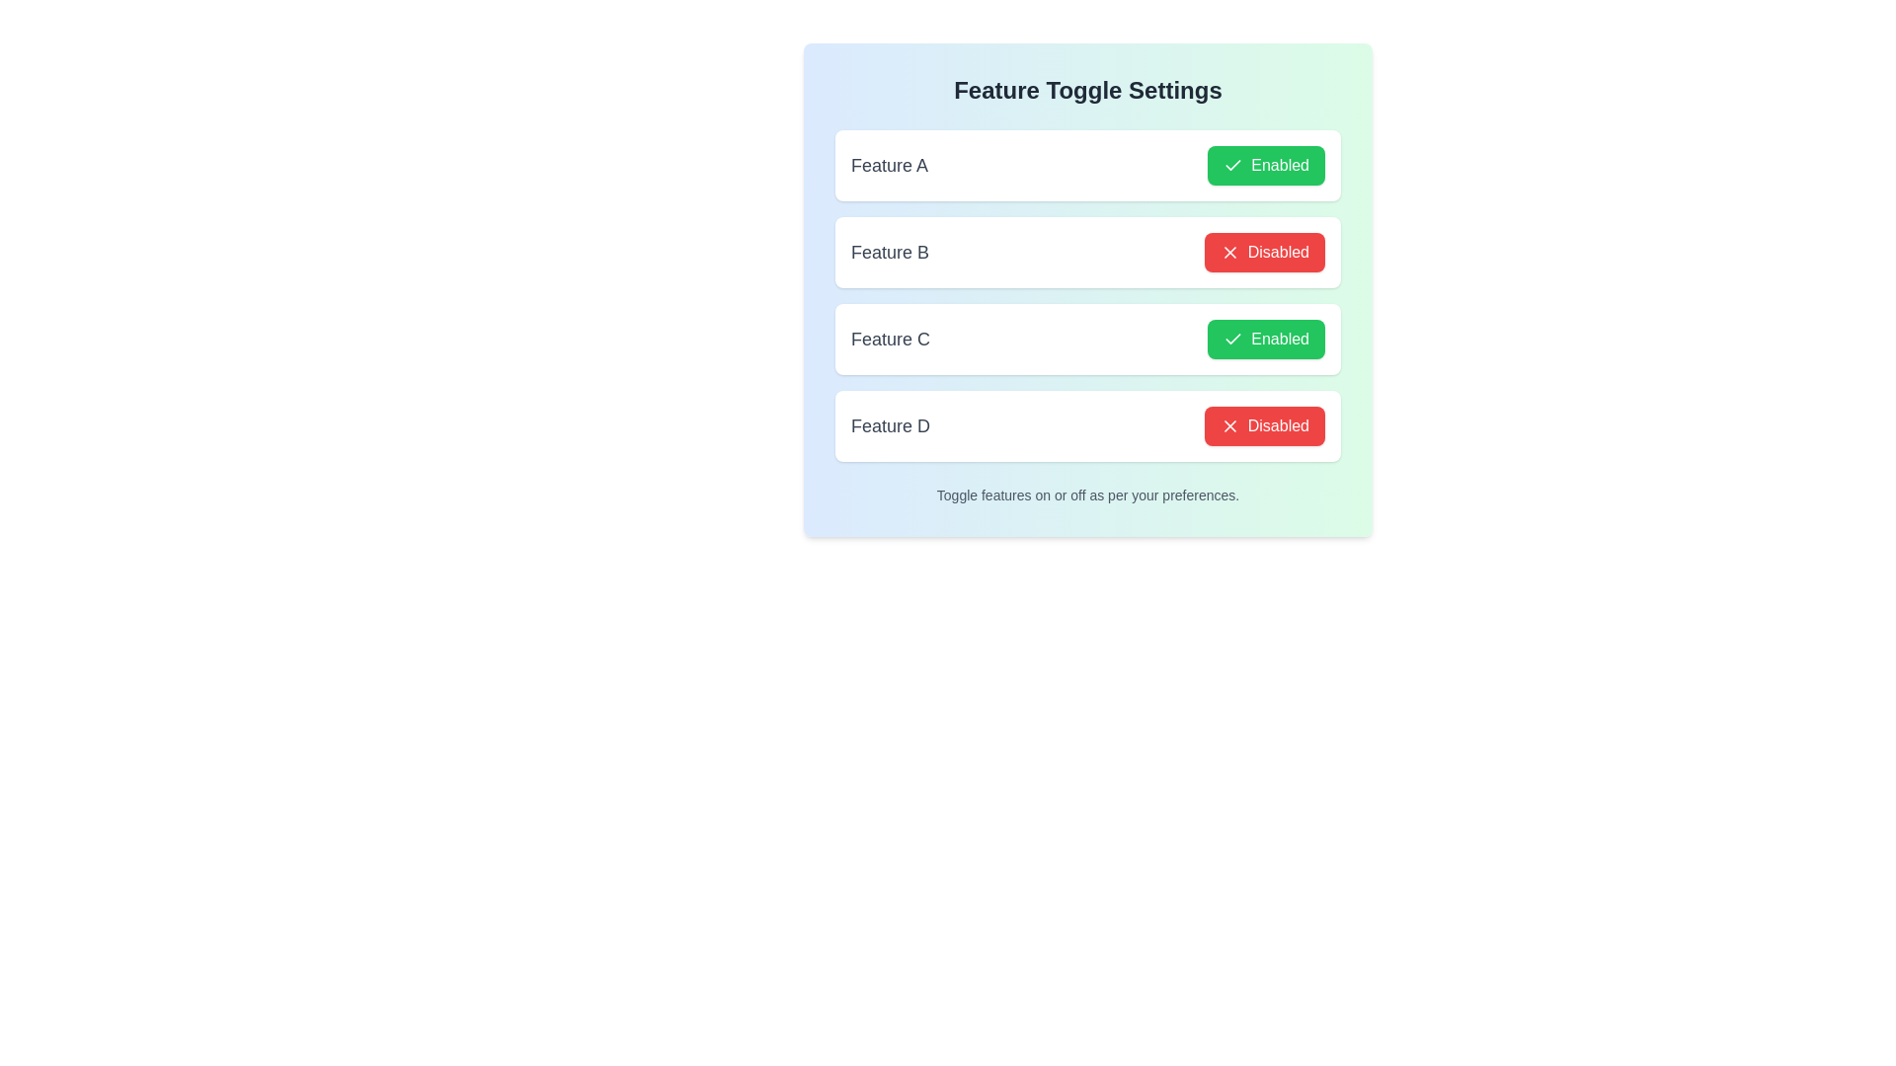 The height and width of the screenshot is (1066, 1896). I want to click on the Text label that describes the associated toggle feature in the third row of the 'Feature Toggle Settings' section, so click(890, 338).